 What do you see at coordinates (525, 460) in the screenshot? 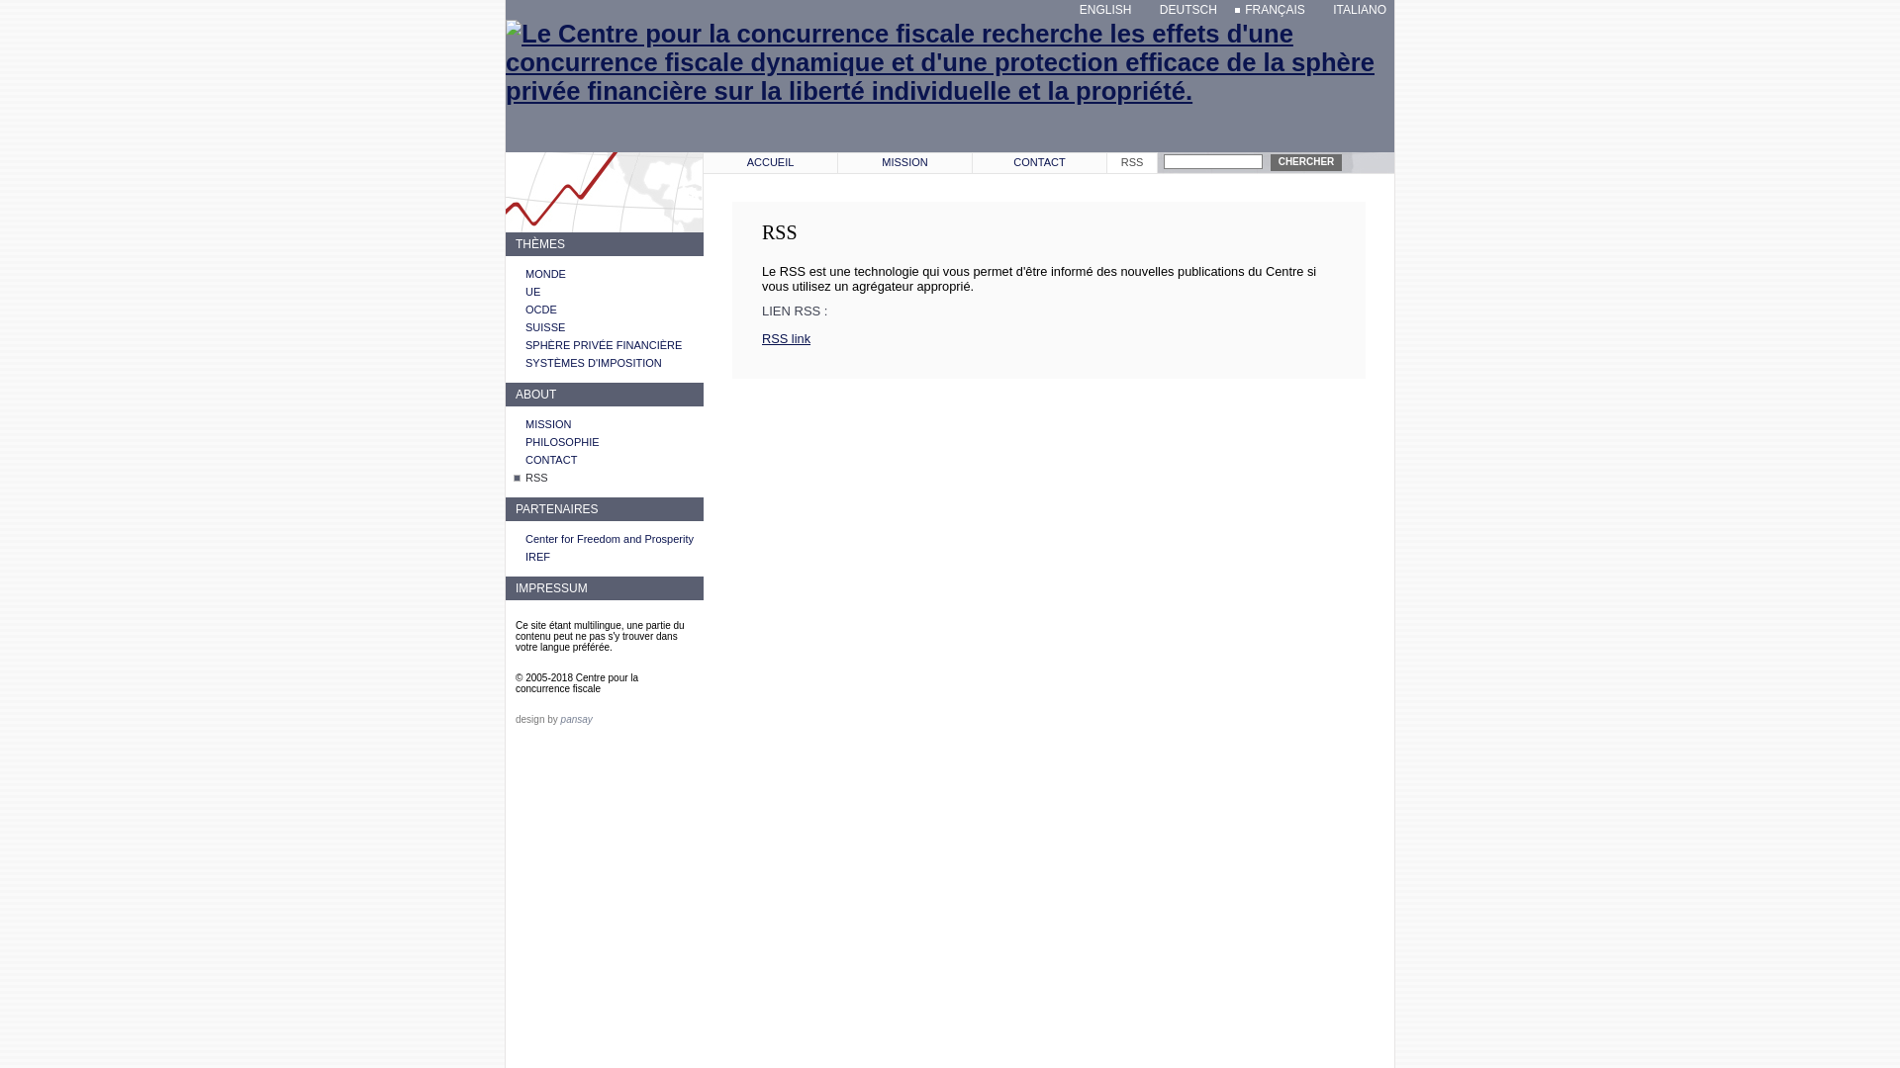
I see `'CONTACT'` at bounding box center [525, 460].